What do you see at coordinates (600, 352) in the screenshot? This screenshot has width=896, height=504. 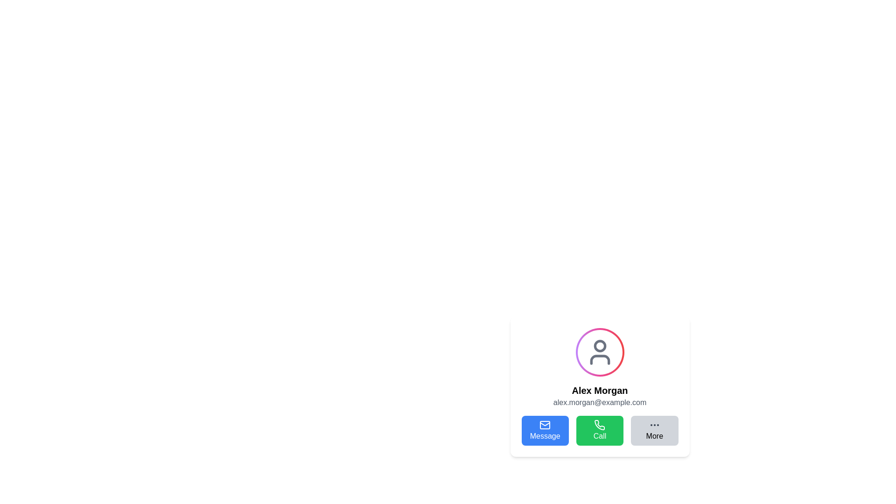 I see `the profile image placeholder for user 'Alex Morgan', located at the top center of the user card` at bounding box center [600, 352].